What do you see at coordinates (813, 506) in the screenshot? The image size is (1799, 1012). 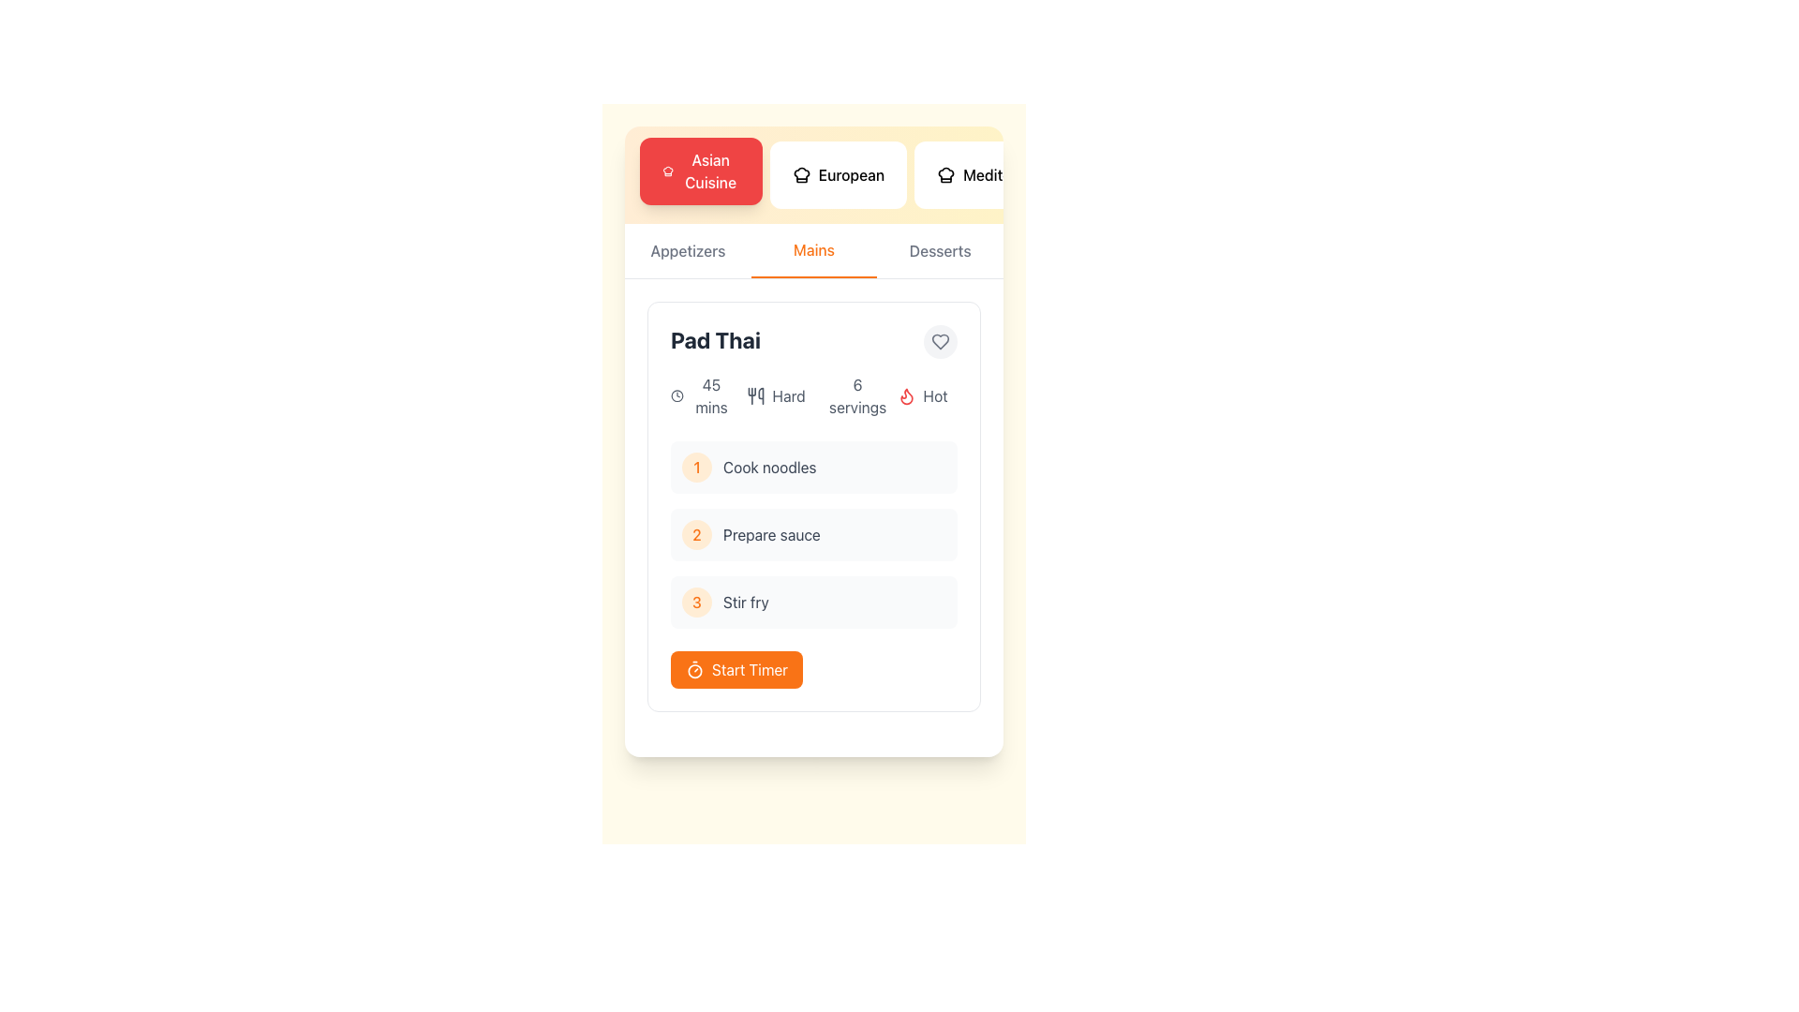 I see `the individual step in the Pad Thai recipe card for further instructions` at bounding box center [813, 506].